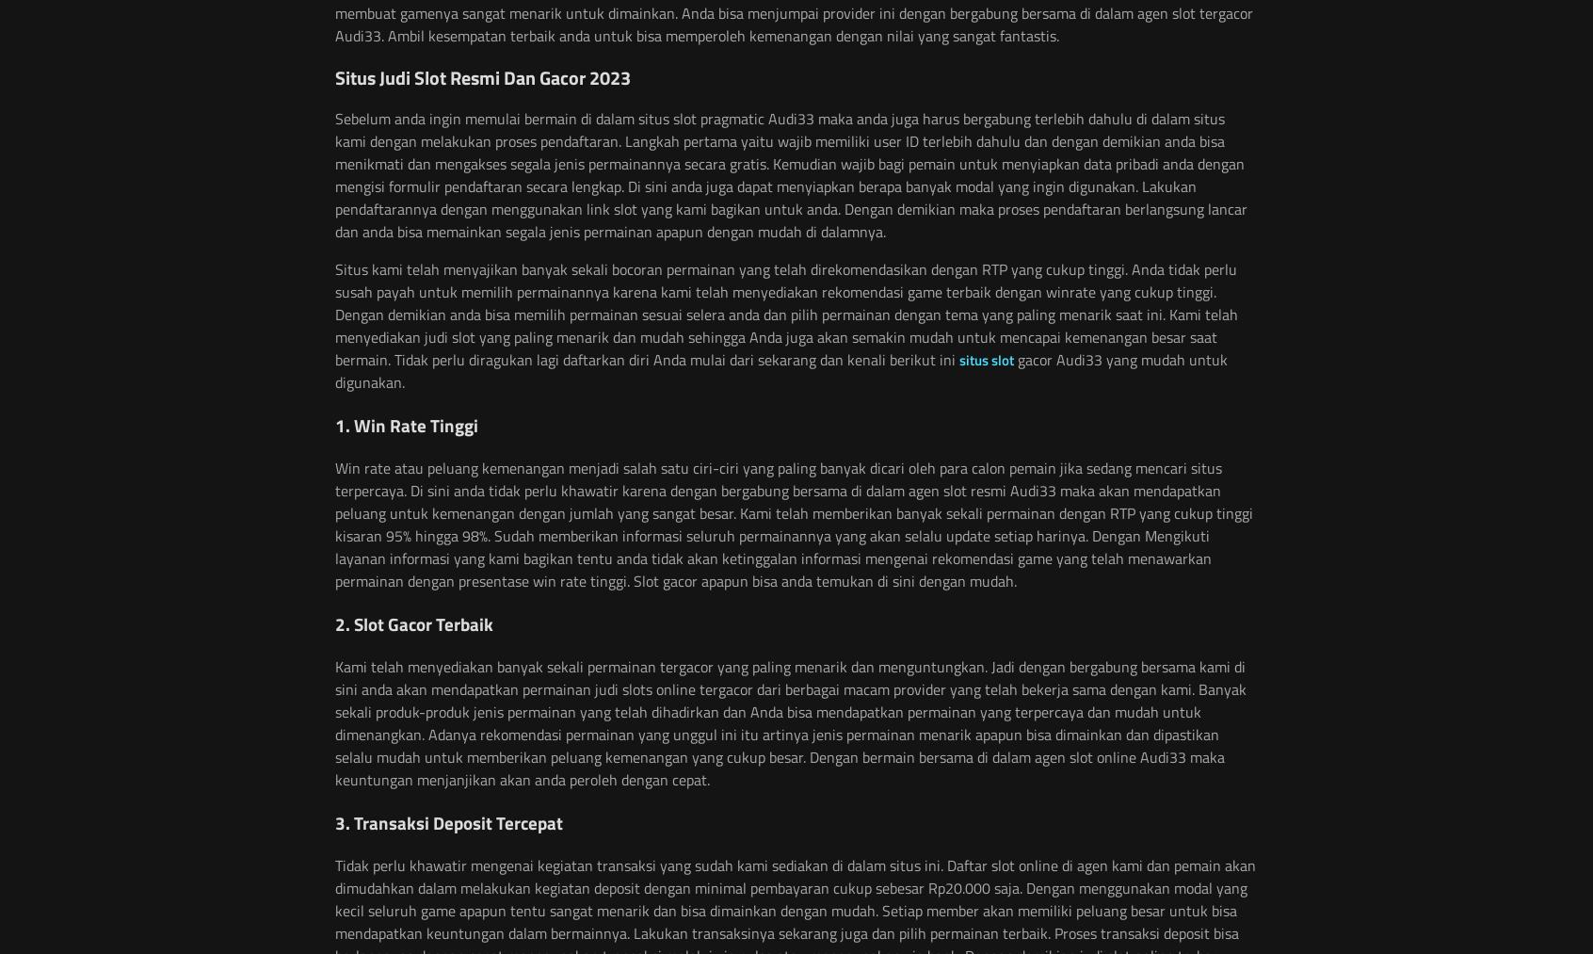 This screenshot has width=1593, height=954. What do you see at coordinates (334, 821) in the screenshot?
I see `'3. Transaksi Deposit Tercepat'` at bounding box center [334, 821].